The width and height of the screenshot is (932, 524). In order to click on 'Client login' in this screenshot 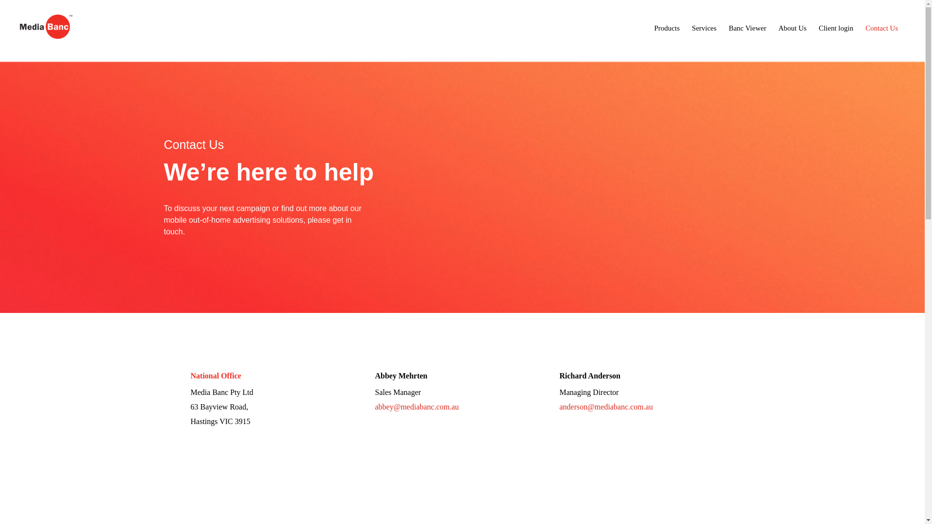, I will do `click(835, 27)`.